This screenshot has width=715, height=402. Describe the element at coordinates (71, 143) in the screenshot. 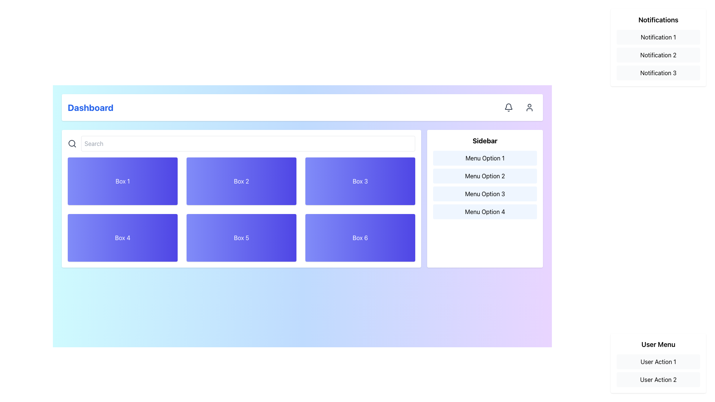

I see `the circular SVG graphic element that is part of the search icon, characterized by its 8-pixel radius and gray outline, located at the left end of the search bar` at that location.